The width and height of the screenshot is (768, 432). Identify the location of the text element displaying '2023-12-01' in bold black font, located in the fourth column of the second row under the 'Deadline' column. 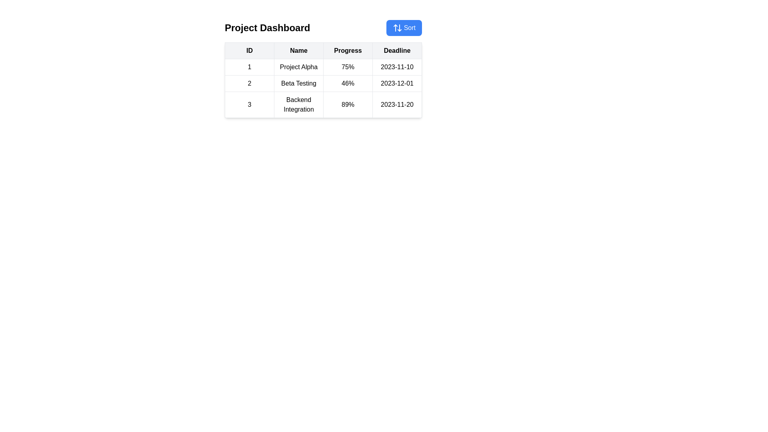
(397, 83).